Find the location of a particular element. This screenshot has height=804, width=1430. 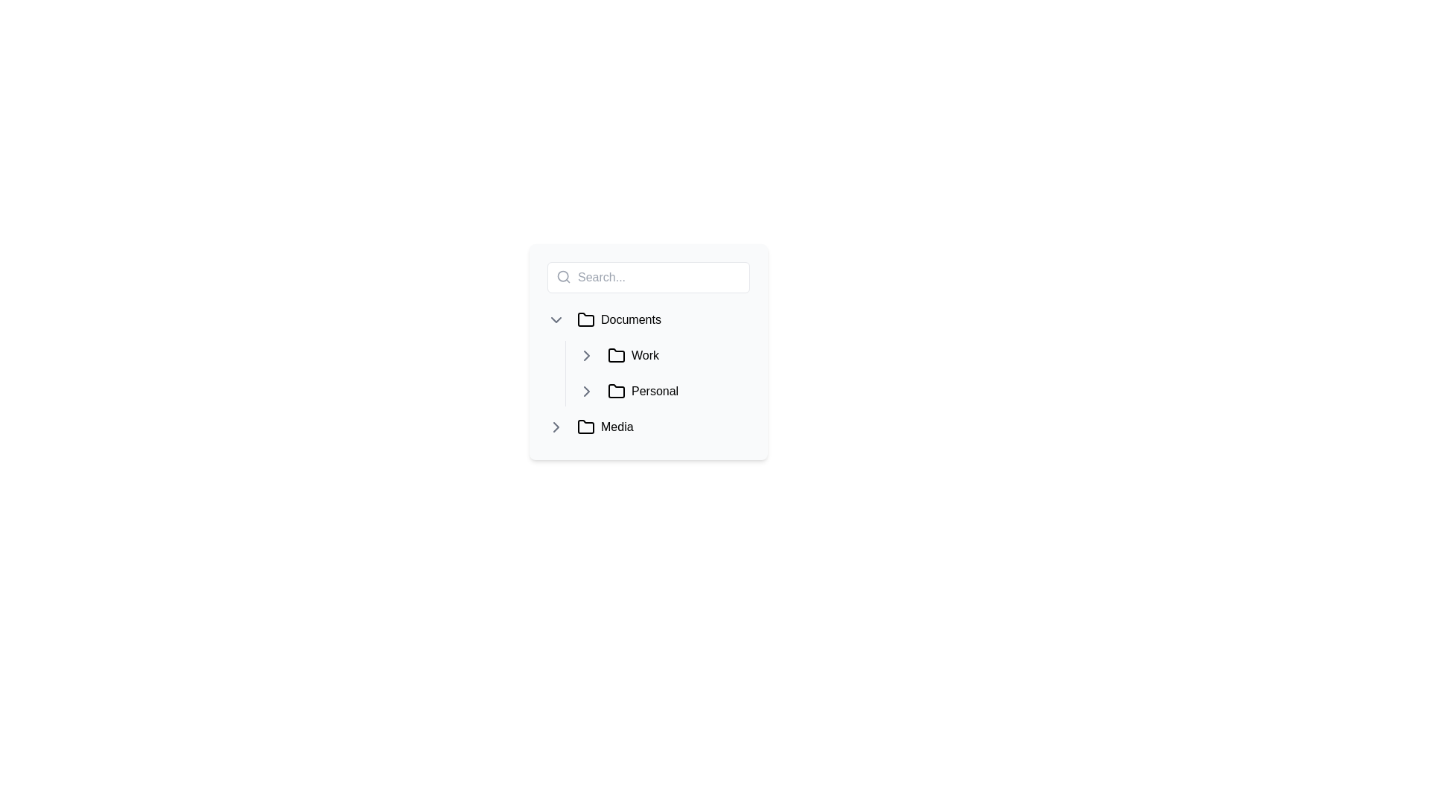

the folder icon representing the 'Media' directory is located at coordinates (585, 427).